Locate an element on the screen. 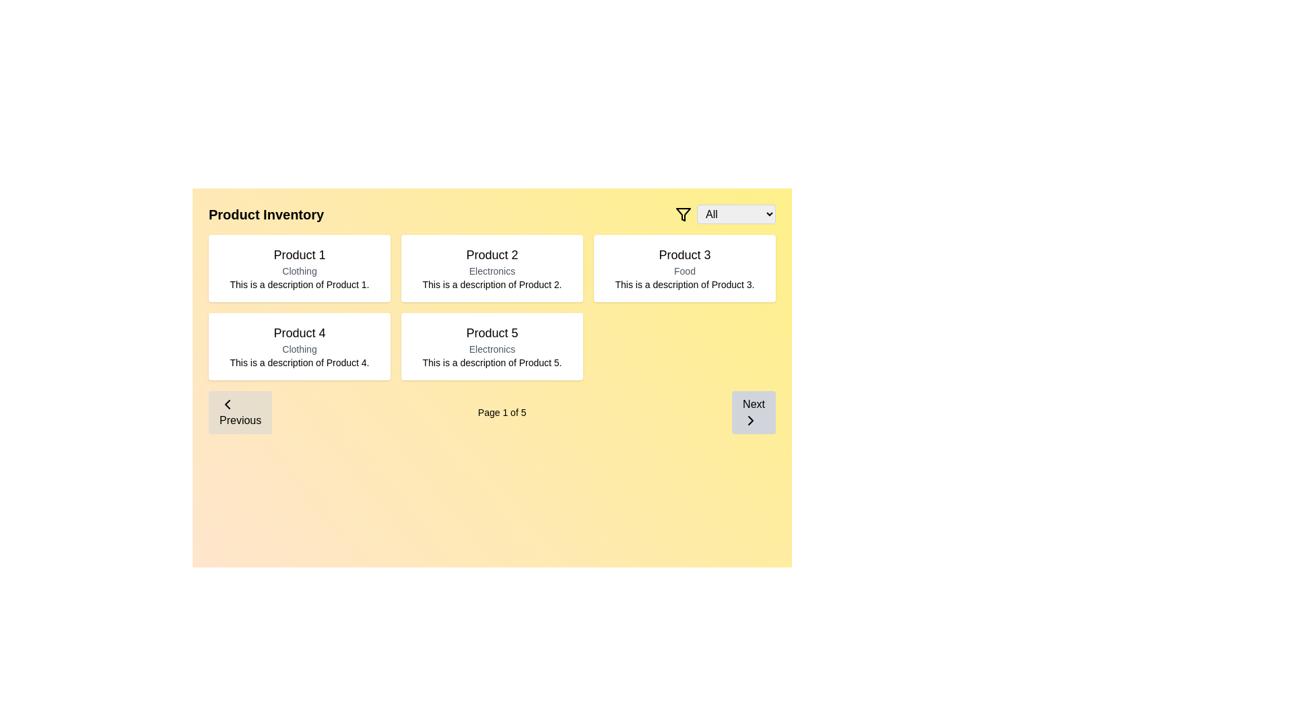  the chevron (right arrow) icon located inside the 'Next' navigation button in the bottom-right corner of the interface is located at coordinates (750, 419).